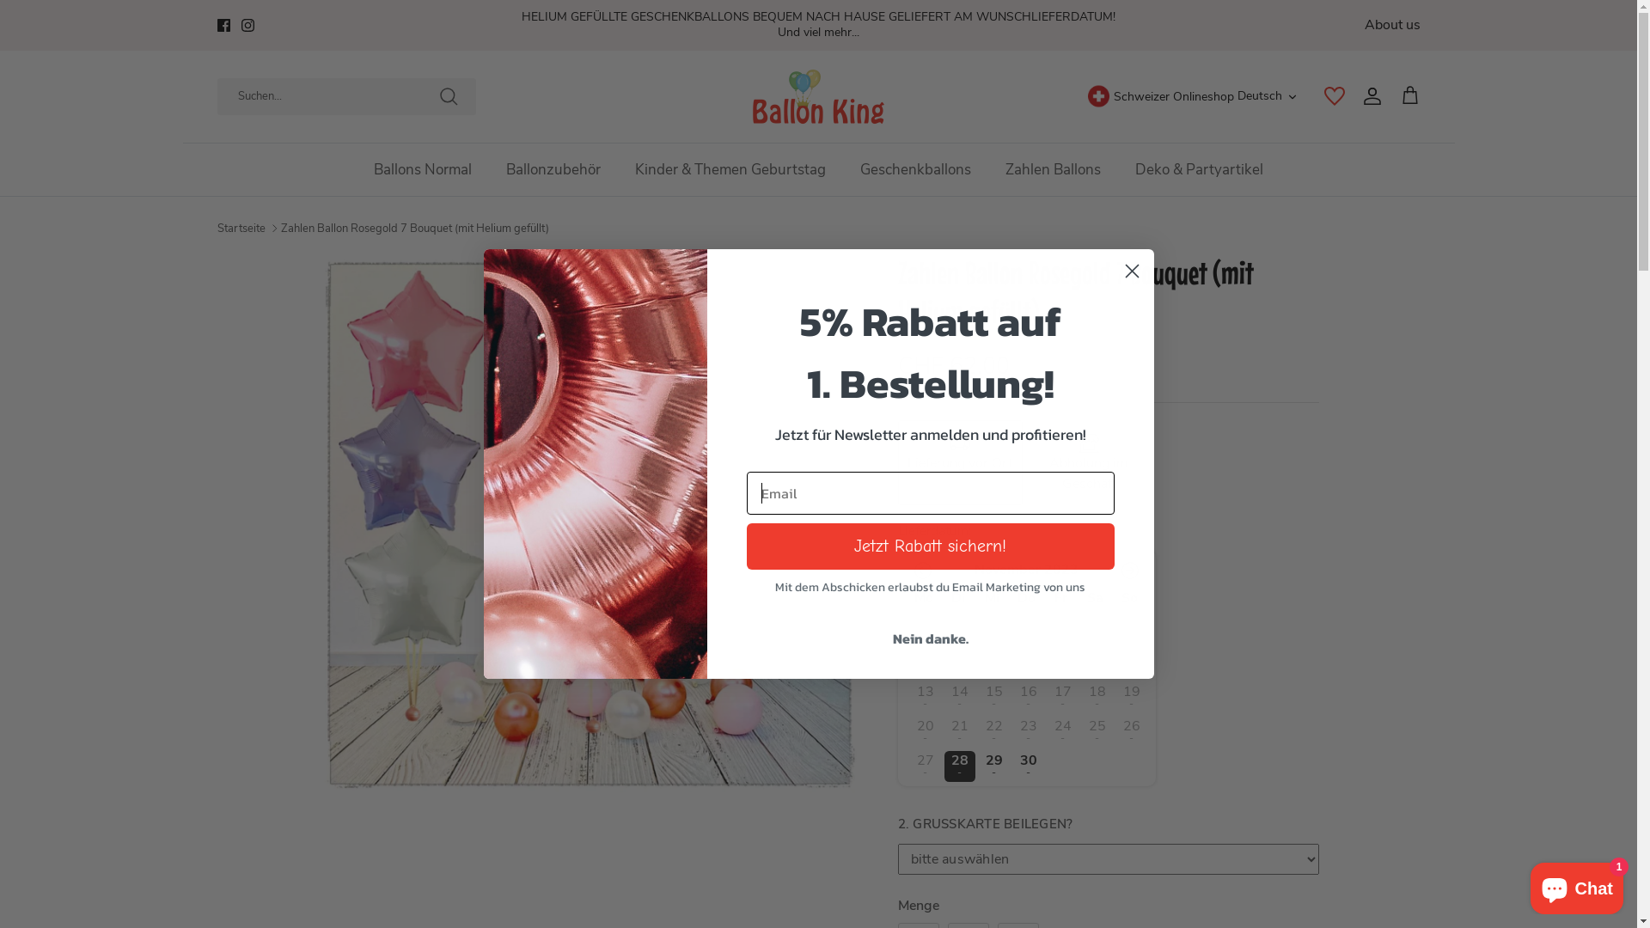 The width and height of the screenshot is (1650, 928). What do you see at coordinates (1198, 169) in the screenshot?
I see `'Deko & Partyartikel'` at bounding box center [1198, 169].